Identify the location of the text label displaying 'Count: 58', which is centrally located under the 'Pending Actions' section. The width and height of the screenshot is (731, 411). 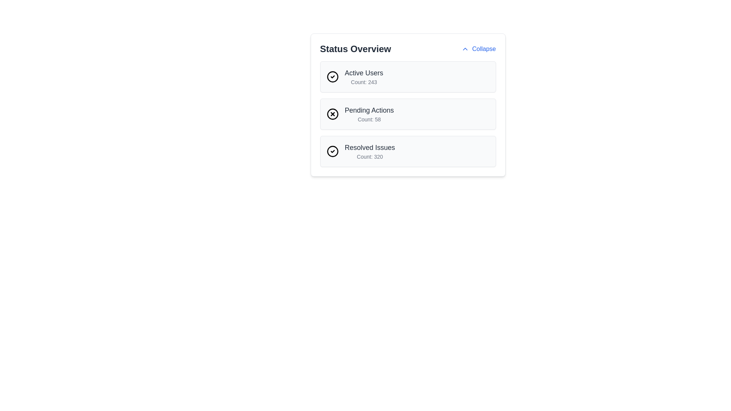
(369, 119).